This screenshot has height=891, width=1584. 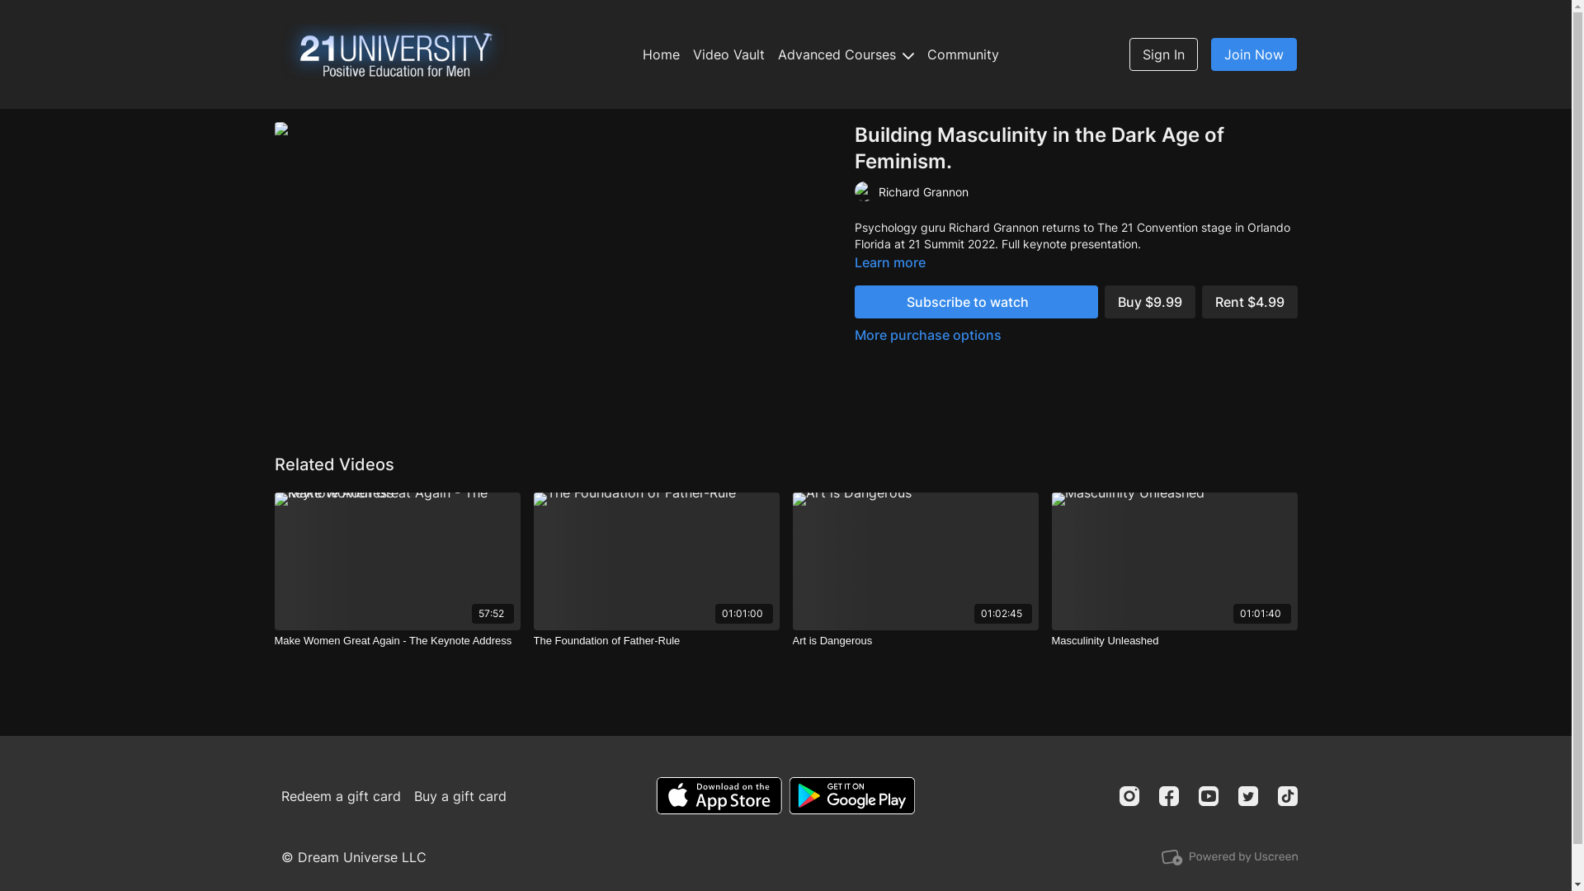 What do you see at coordinates (728, 53) in the screenshot?
I see `'Video Vault'` at bounding box center [728, 53].